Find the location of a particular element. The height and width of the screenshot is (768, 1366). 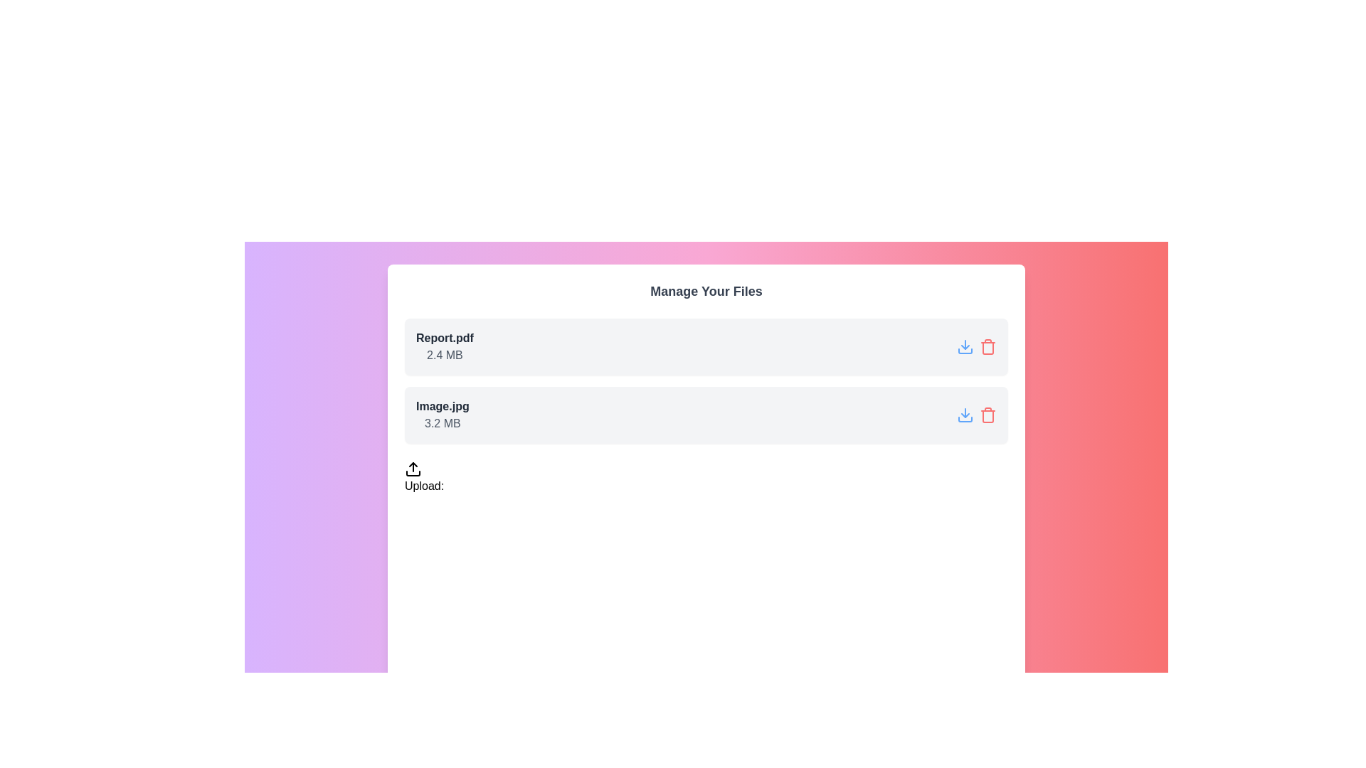

the label displaying 'Report.pdf' and '2.4 MB' which is the first item in the vertical list of file entries in the center panel is located at coordinates (444, 347).